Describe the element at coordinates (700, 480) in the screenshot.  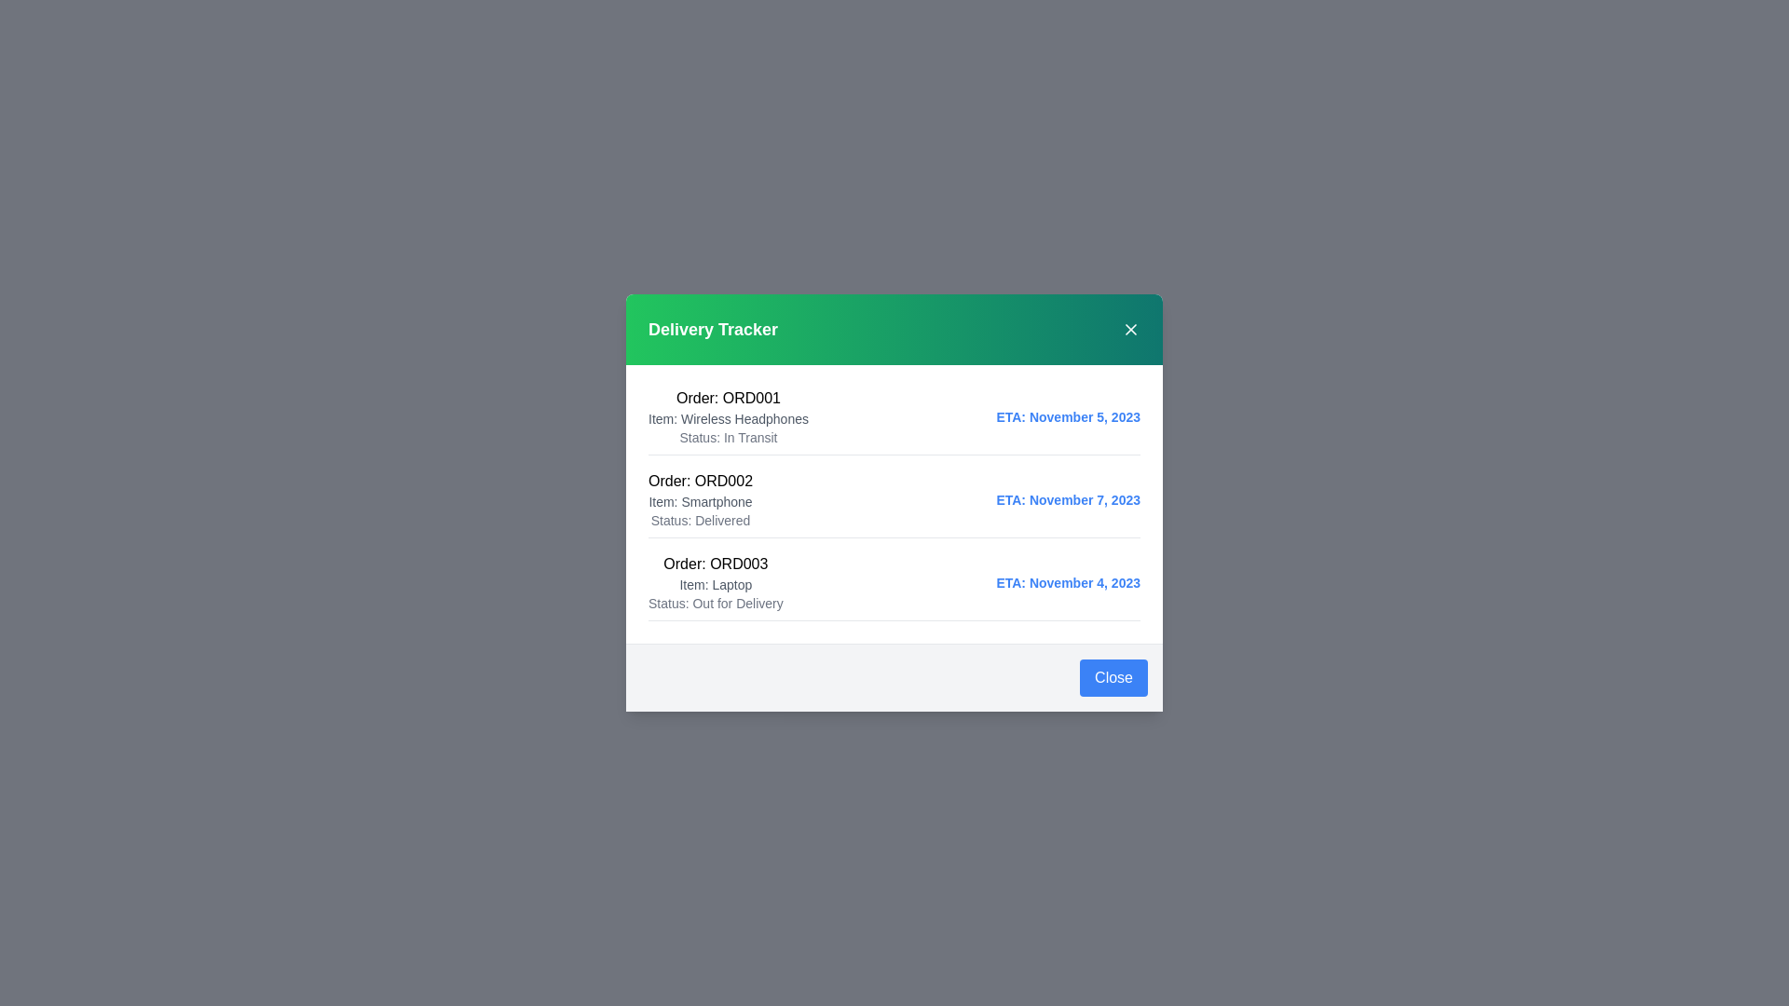
I see `the text element corresponding to ORD002` at that location.